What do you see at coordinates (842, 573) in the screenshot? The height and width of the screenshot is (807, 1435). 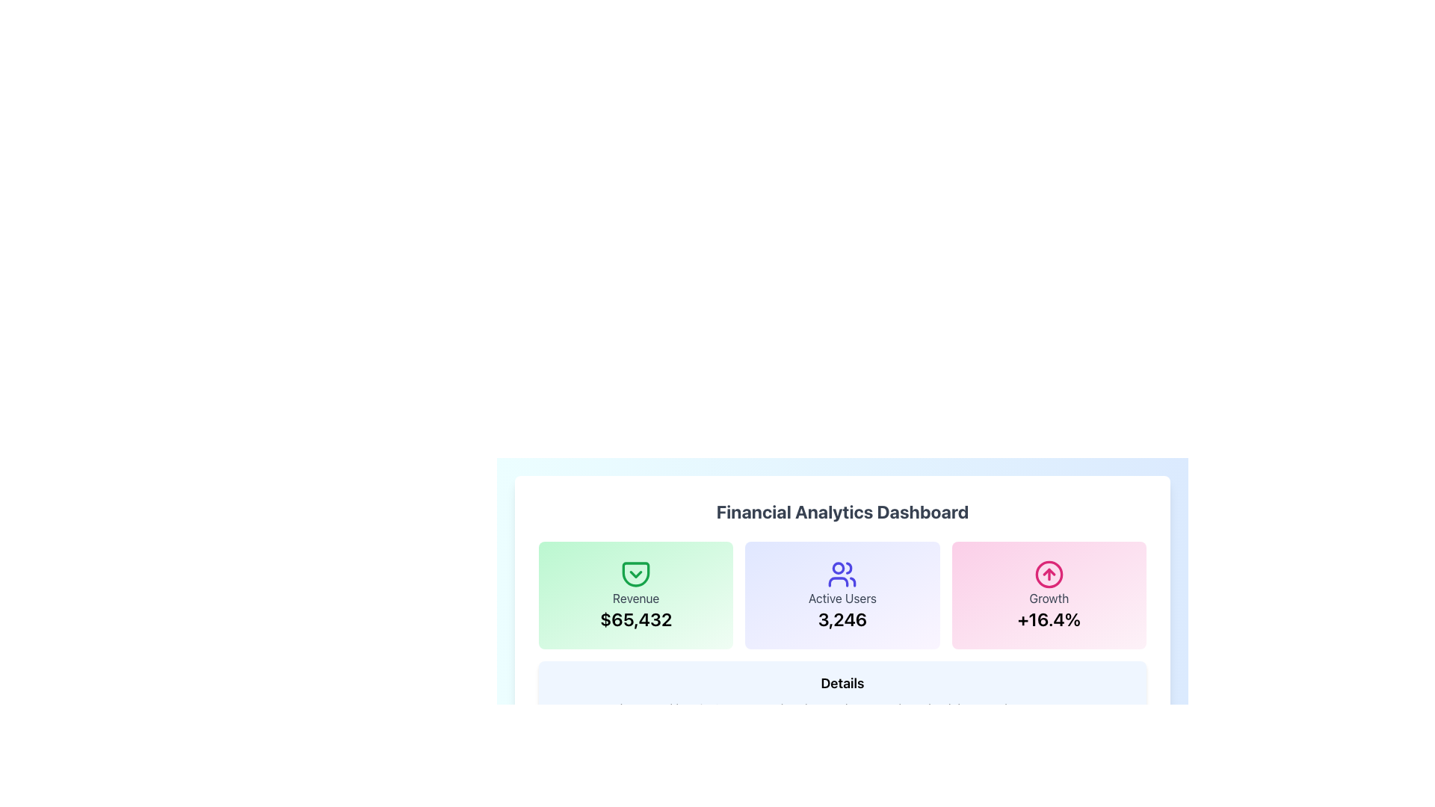 I see `the decorative icon located at the top-center of the 'Active Users' card, which enhances the visual presentation of the card` at bounding box center [842, 573].